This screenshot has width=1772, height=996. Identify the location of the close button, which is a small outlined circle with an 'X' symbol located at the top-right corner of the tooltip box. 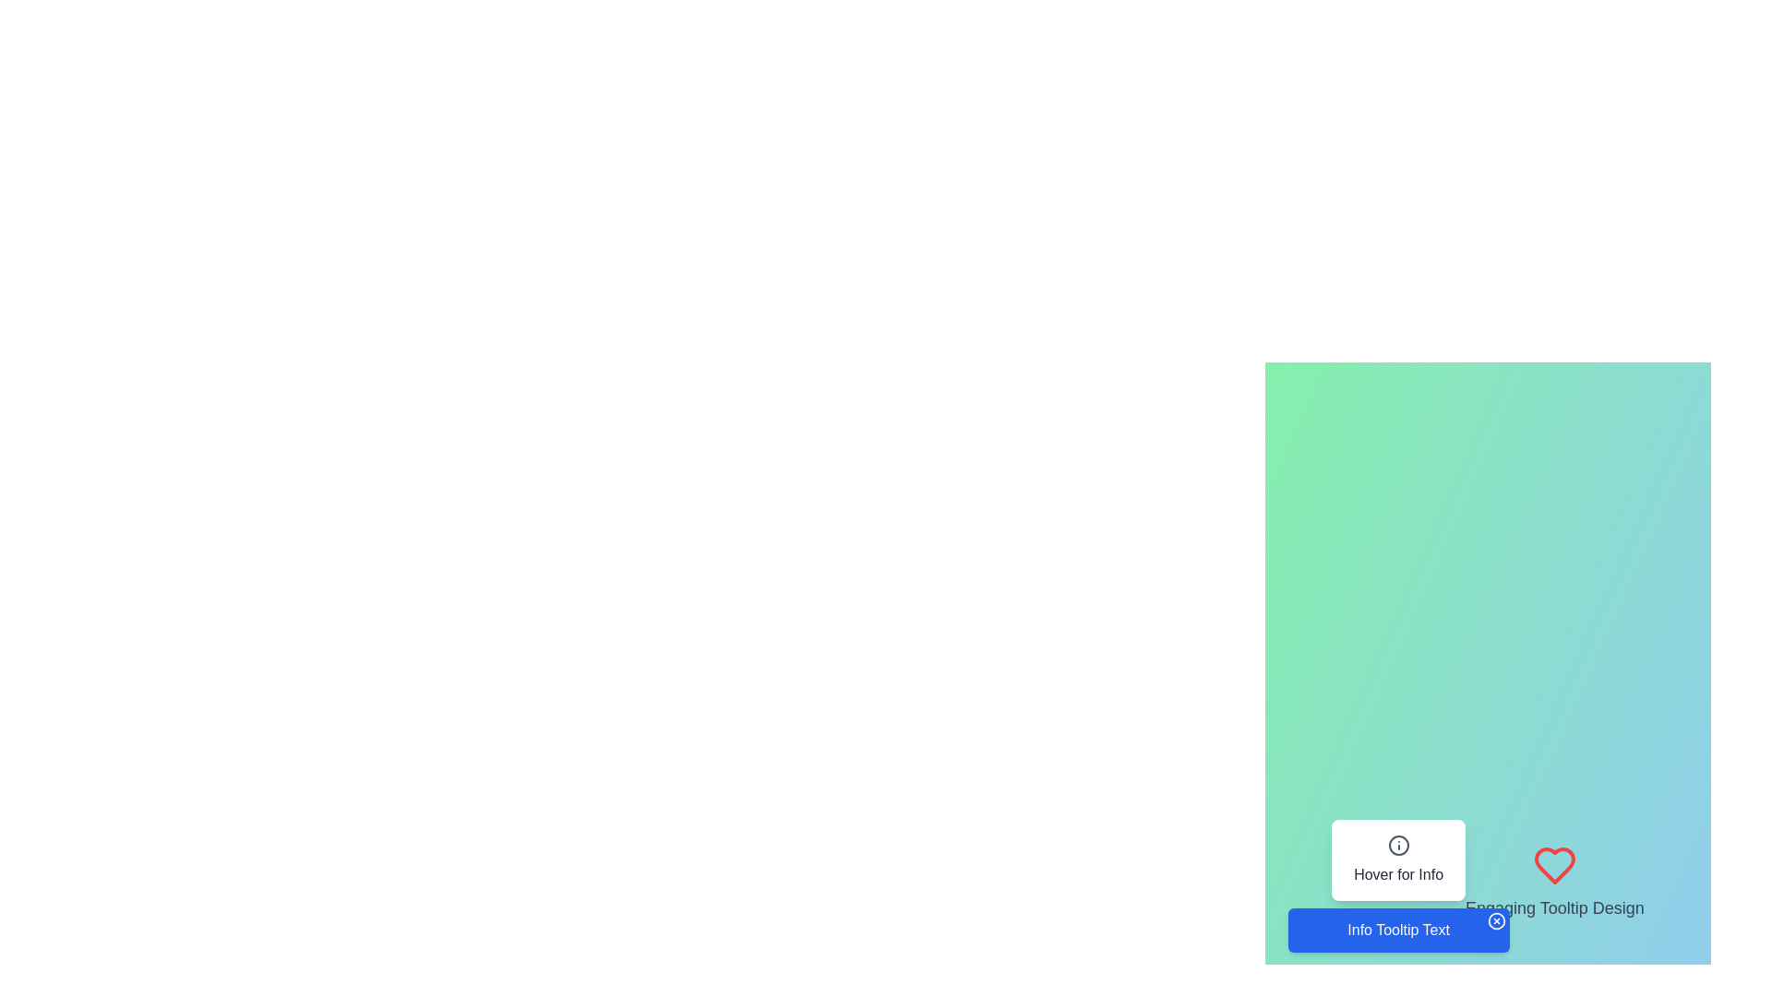
(1496, 921).